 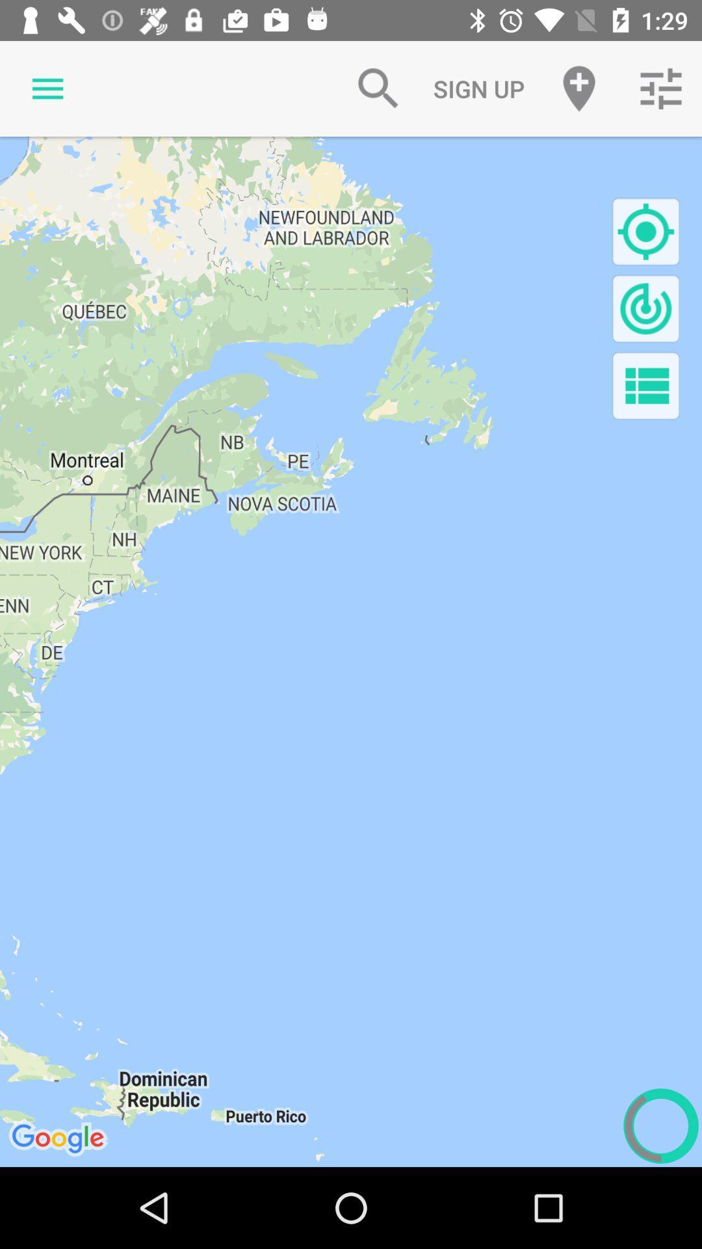 I want to click on item to the left of the sign up icon, so click(x=378, y=88).